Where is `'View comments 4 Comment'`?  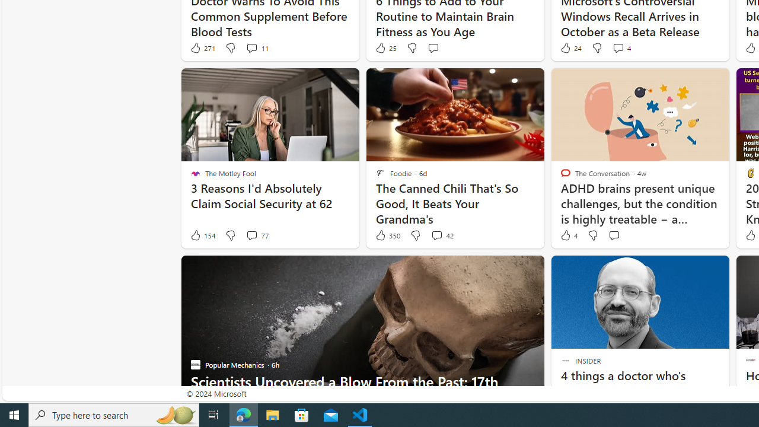 'View comments 4 Comment' is located at coordinates (621, 47).